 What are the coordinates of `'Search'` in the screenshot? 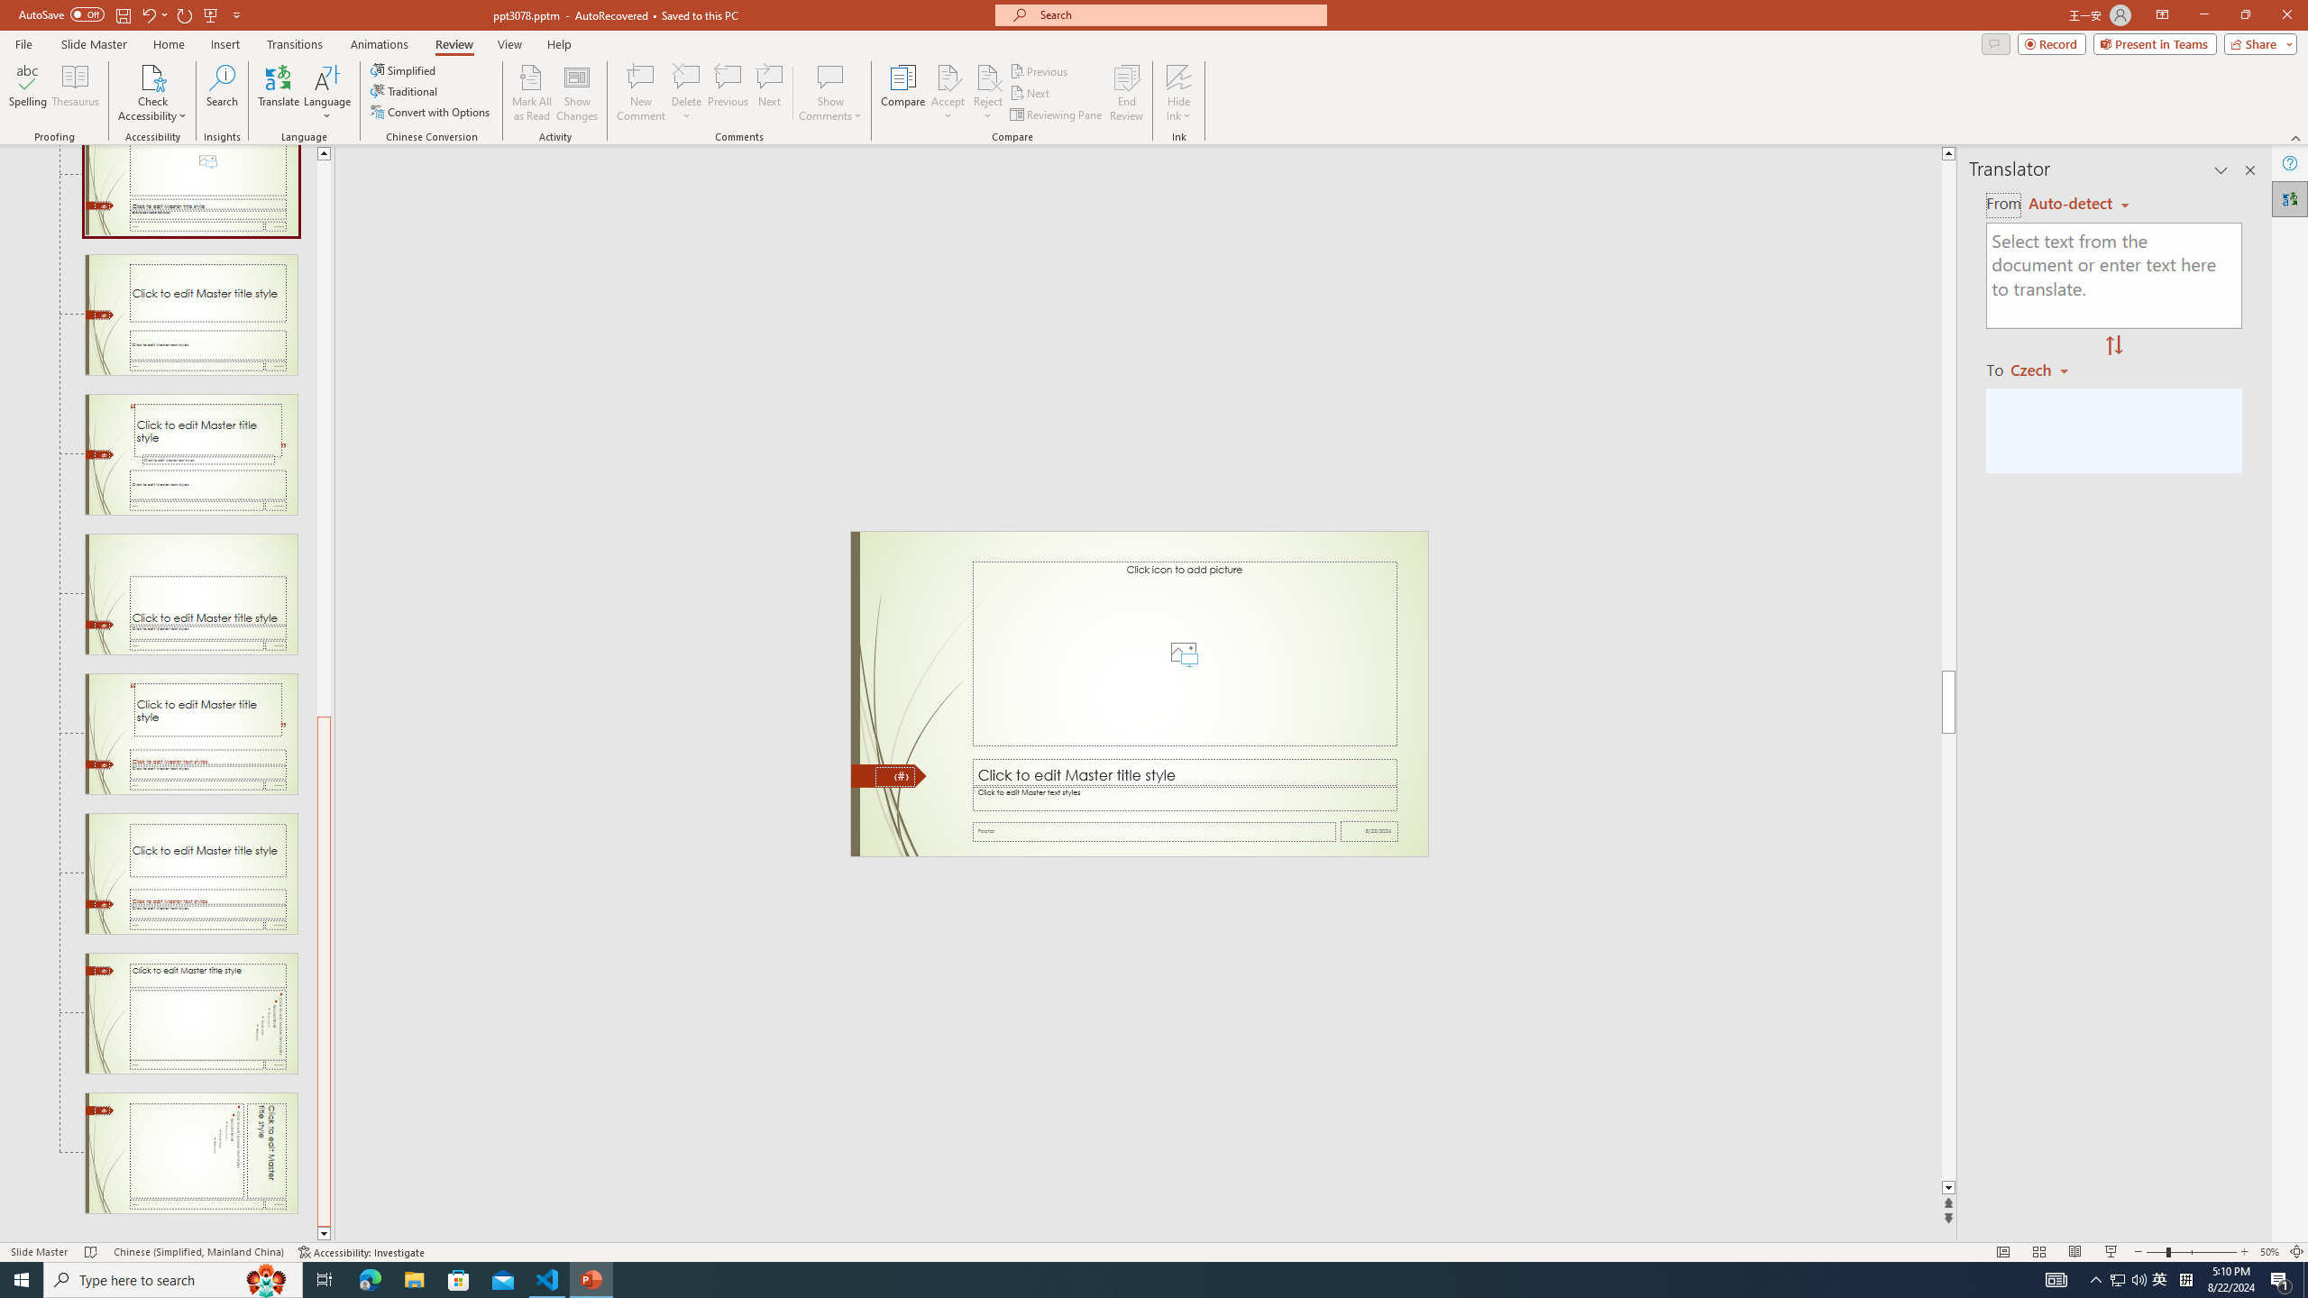 It's located at (222, 93).